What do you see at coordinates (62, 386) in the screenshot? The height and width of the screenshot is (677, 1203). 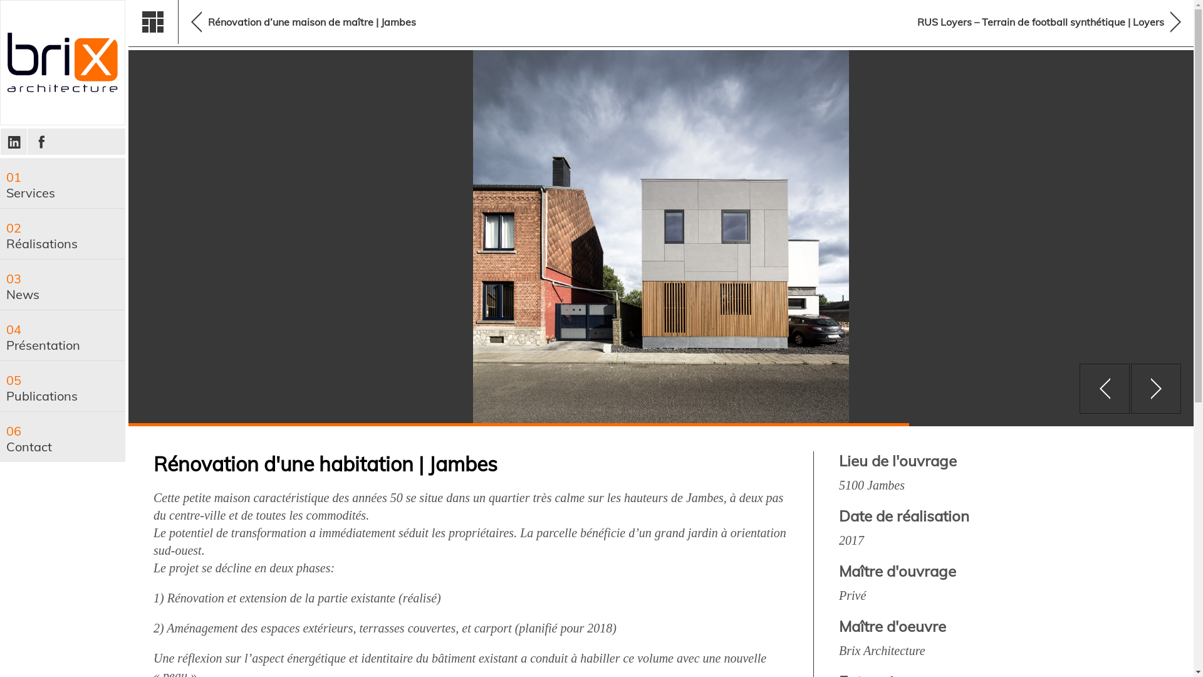 I see `'05` at bounding box center [62, 386].